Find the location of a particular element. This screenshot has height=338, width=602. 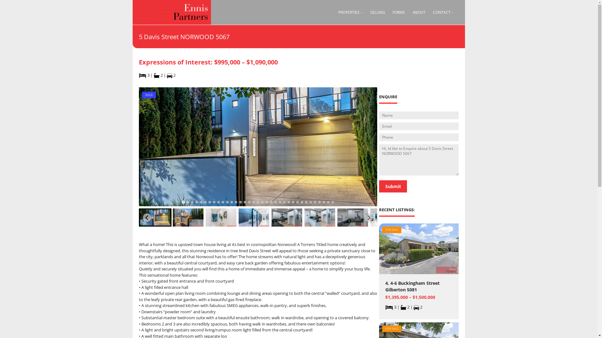

'FORMS' is located at coordinates (392, 12).